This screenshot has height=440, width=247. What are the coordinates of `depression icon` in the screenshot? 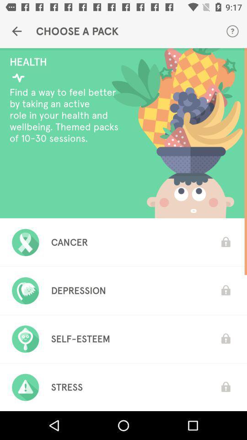 It's located at (78, 290).